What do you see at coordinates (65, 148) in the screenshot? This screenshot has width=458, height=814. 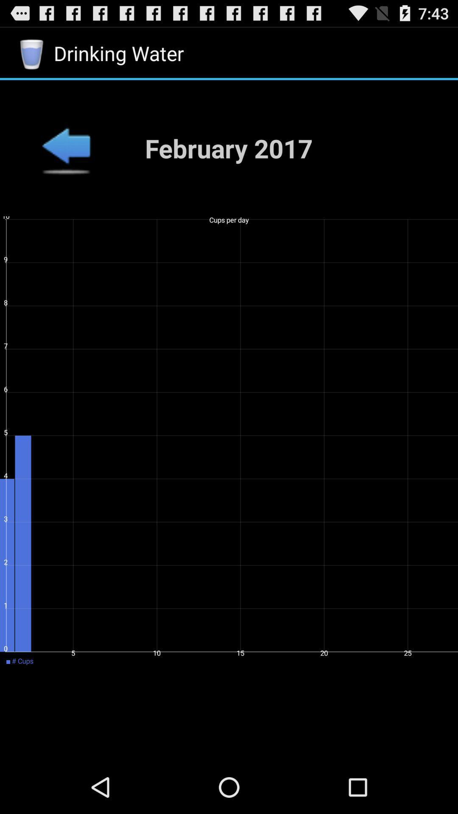 I see `previous menu` at bounding box center [65, 148].